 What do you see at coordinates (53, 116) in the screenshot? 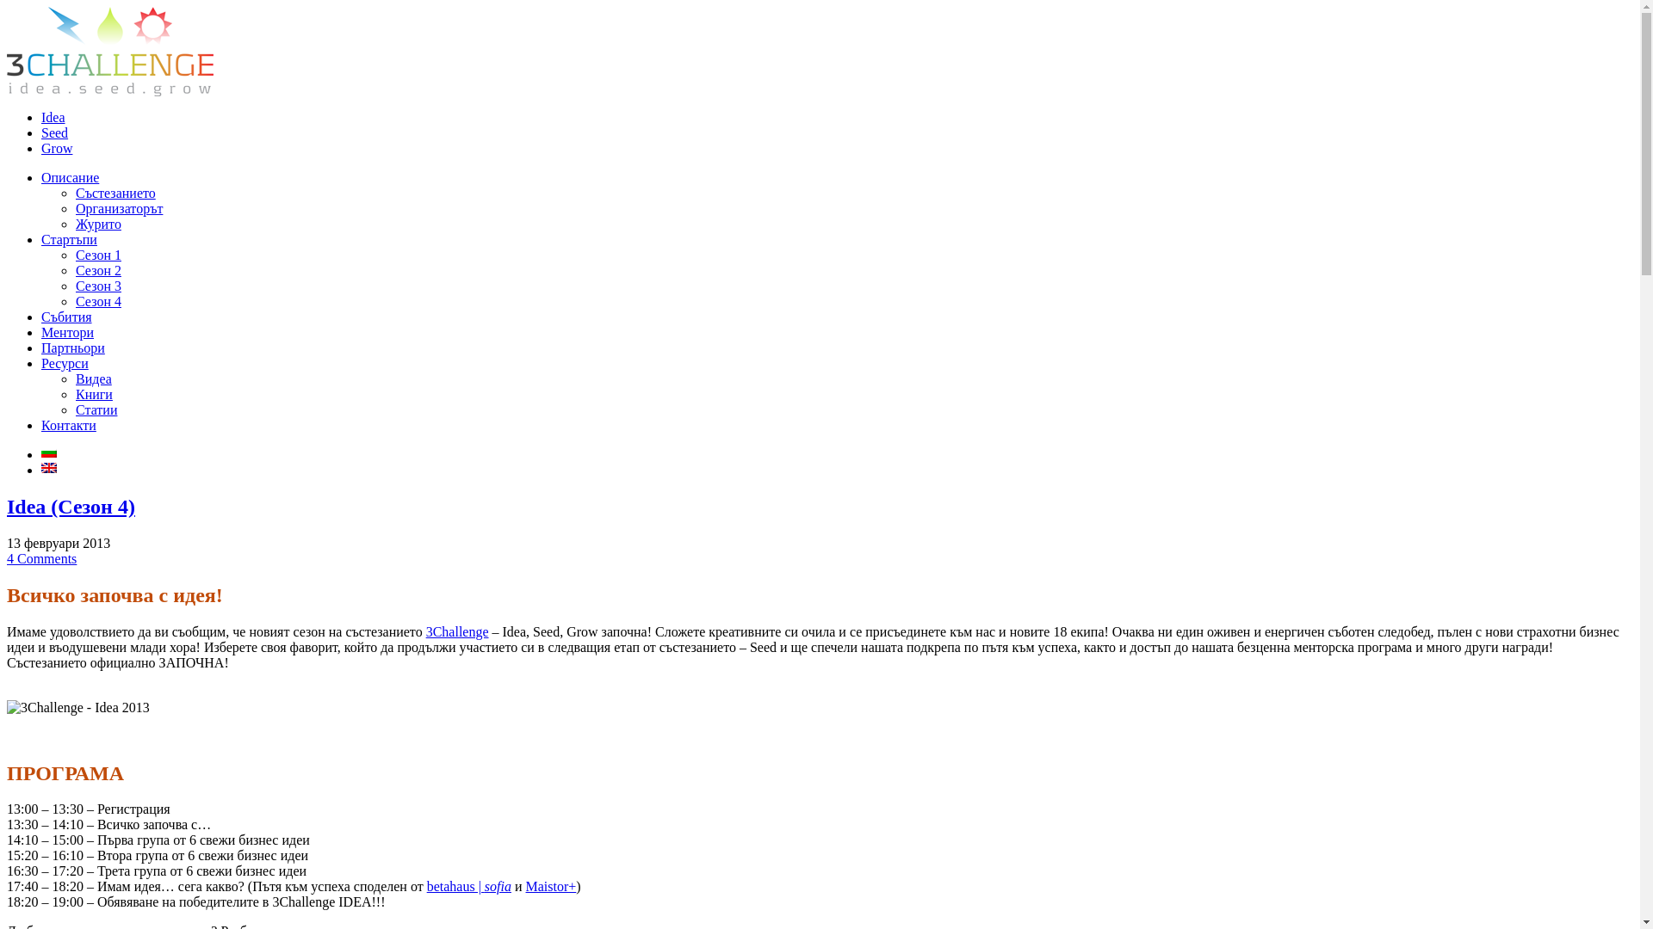
I see `'Idea'` at bounding box center [53, 116].